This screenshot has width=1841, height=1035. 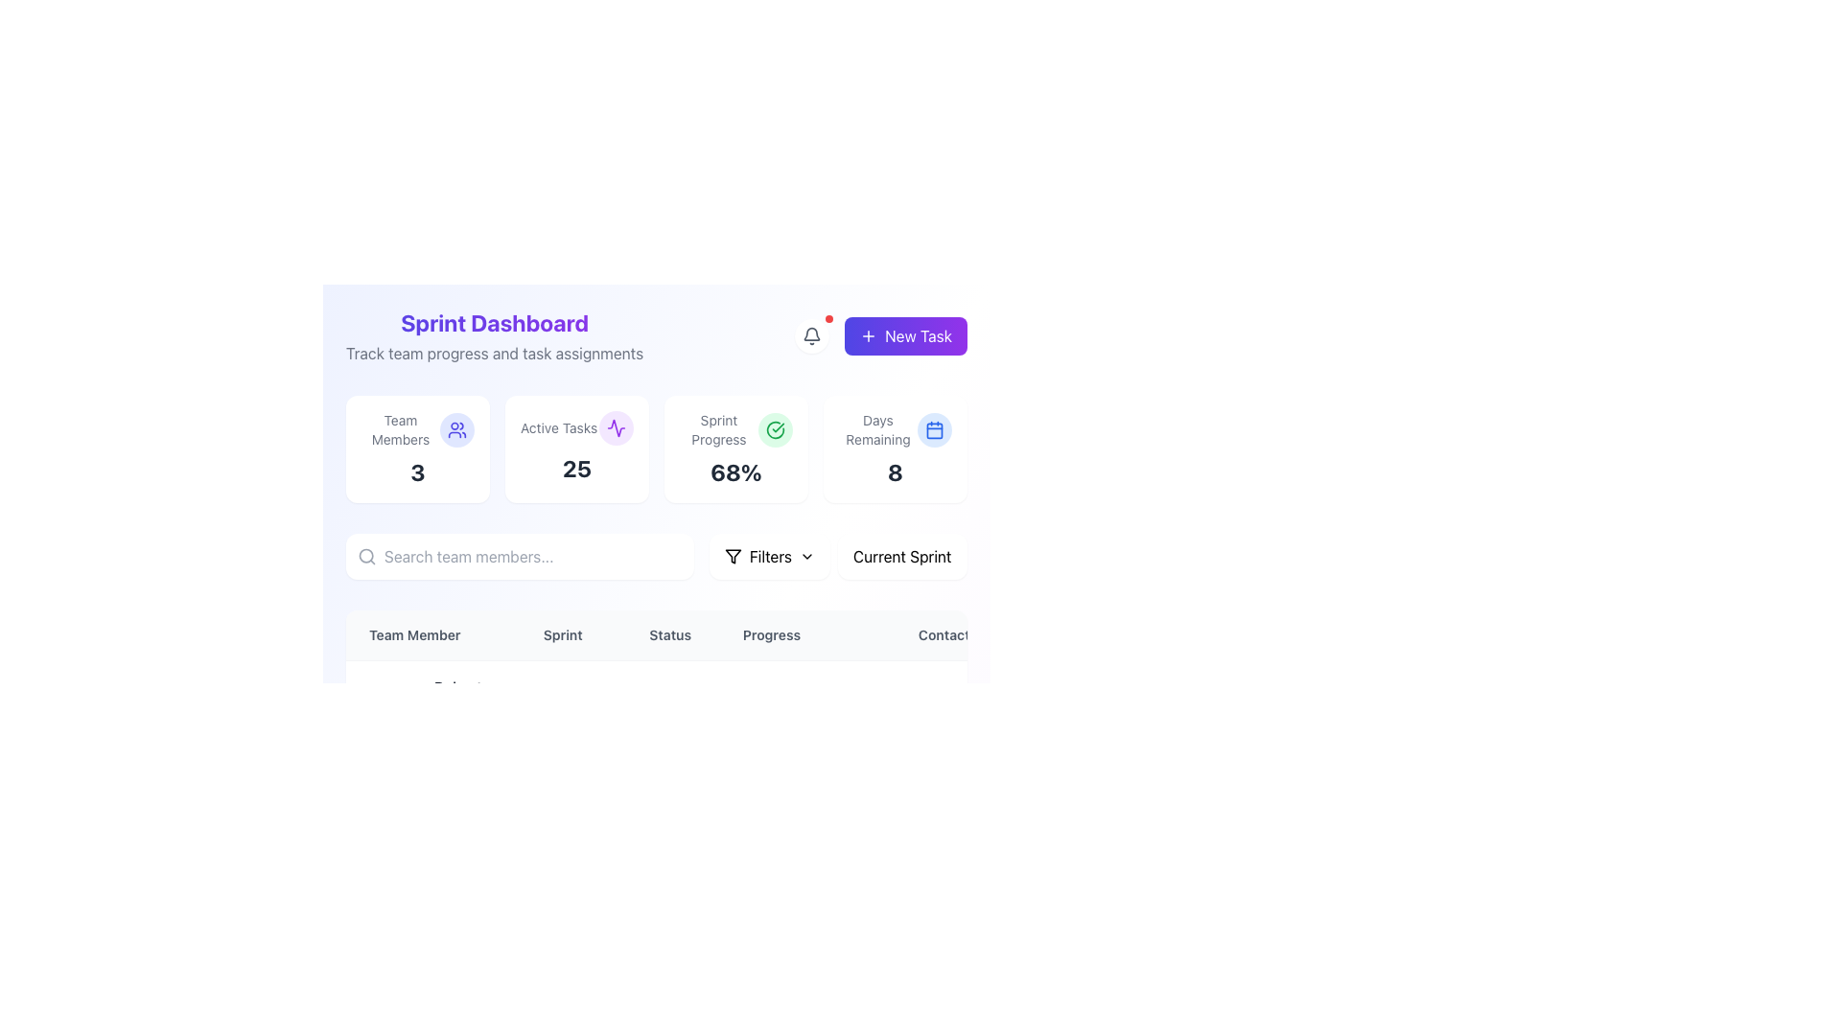 I want to click on the 'Team Member' text label, which serves as a column header for categorizing data under the 'Team Member' column, so click(x=431, y=635).